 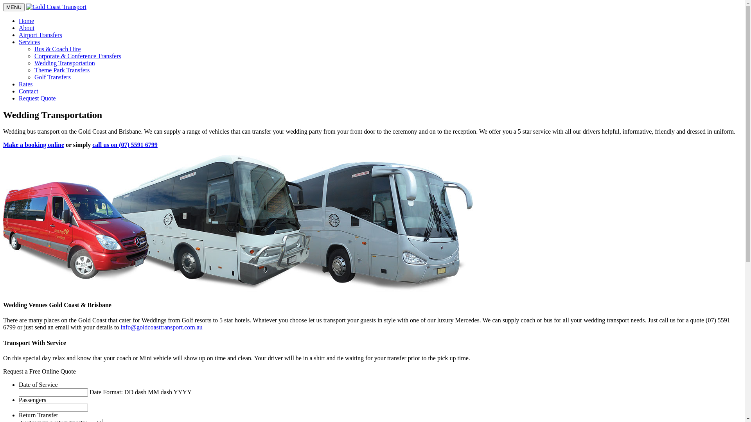 I want to click on 'Make a booking online', so click(x=33, y=145).